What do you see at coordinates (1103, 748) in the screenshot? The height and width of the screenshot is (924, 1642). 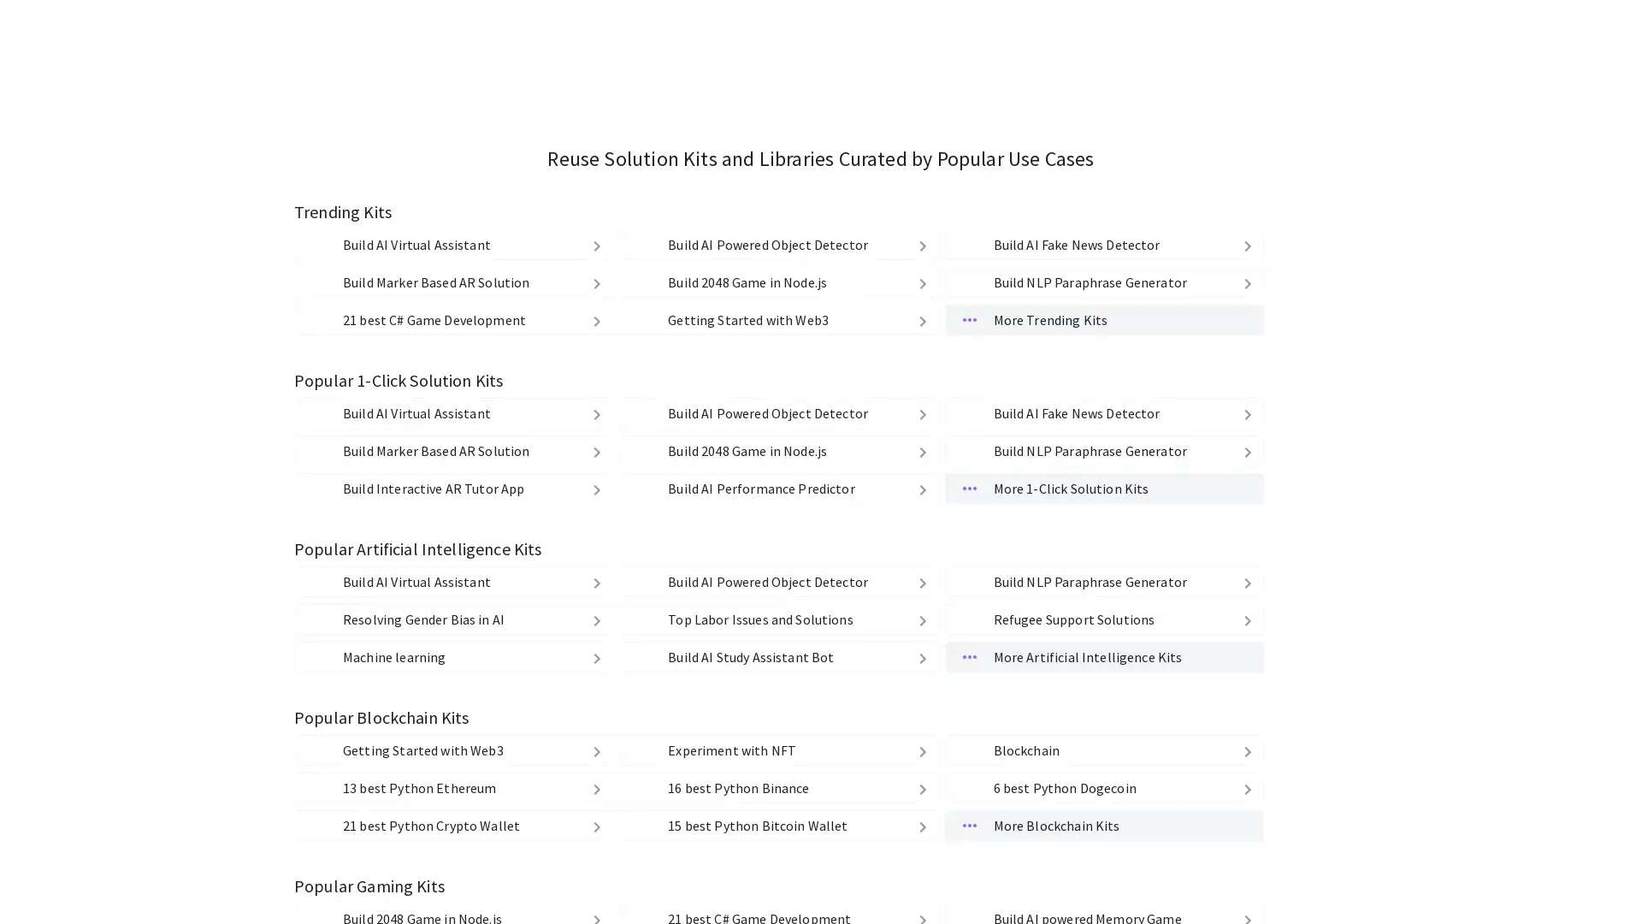 I see `More Trending Kits` at bounding box center [1103, 748].